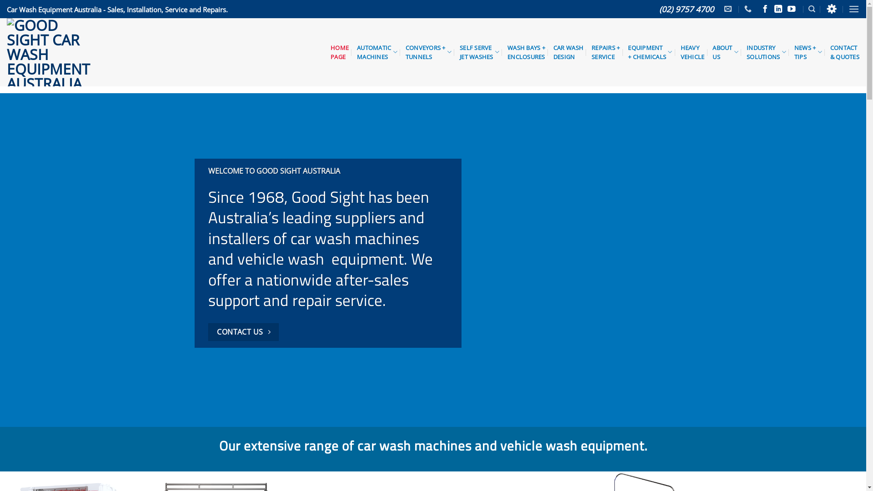 The height and width of the screenshot is (491, 873). I want to click on 'WASH BAYS +, so click(526, 52).